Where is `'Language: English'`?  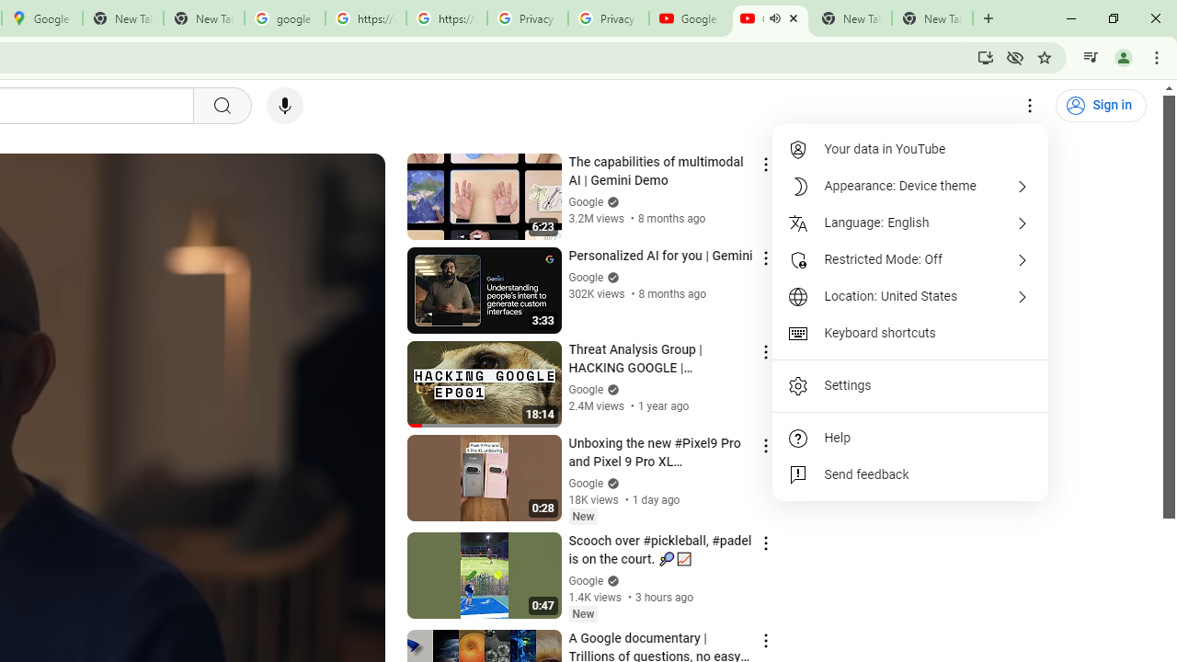 'Language: English' is located at coordinates (910, 223).